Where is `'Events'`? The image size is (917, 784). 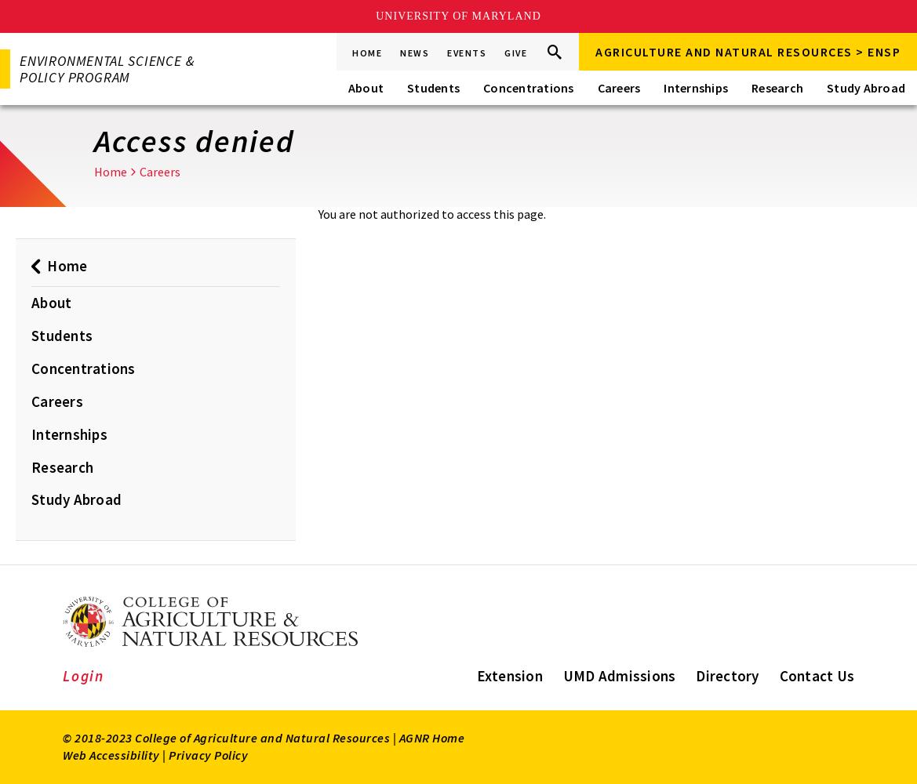
'Events' is located at coordinates (466, 52).